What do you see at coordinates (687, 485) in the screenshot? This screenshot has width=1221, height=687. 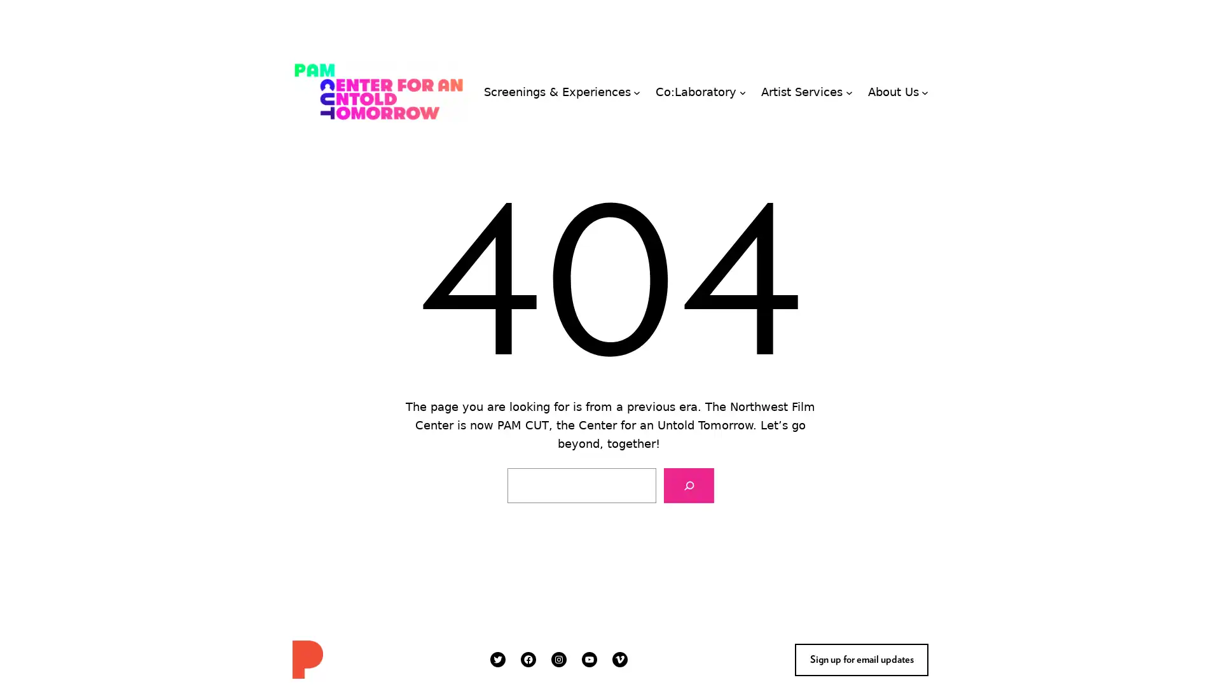 I see `Search` at bounding box center [687, 485].